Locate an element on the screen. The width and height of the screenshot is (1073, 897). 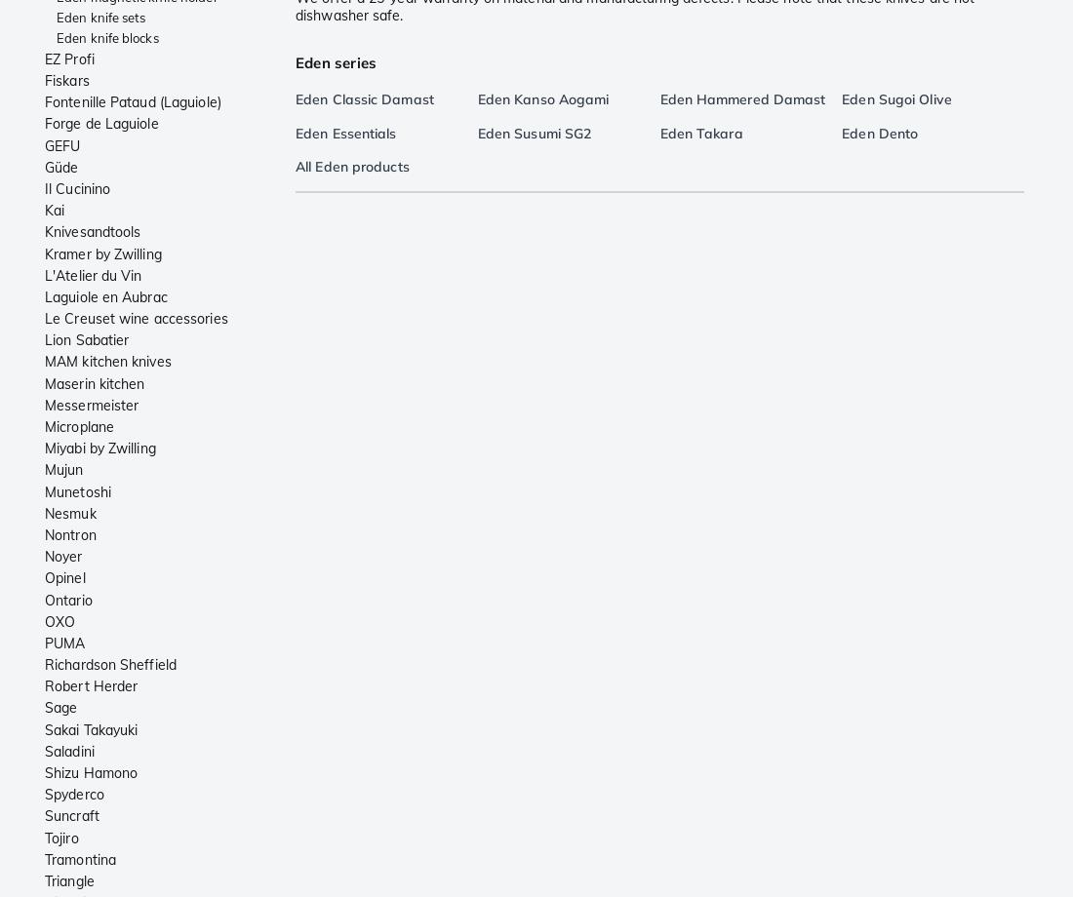
'All Eden products' is located at coordinates (352, 165).